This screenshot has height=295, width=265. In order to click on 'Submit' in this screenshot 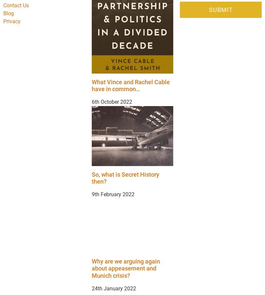, I will do `click(209, 9)`.